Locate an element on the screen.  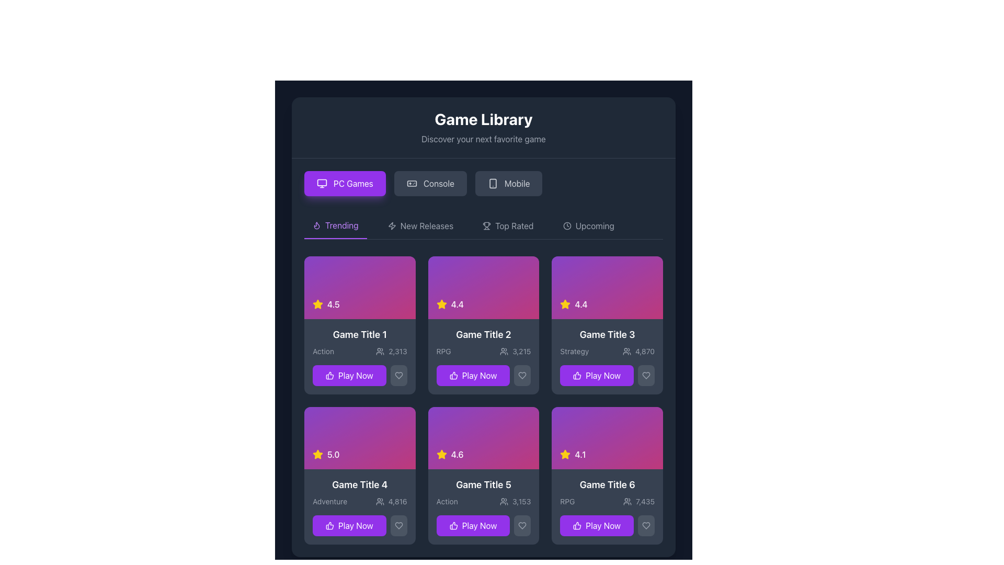
the thumbs-up icon located at the bottom section of the card for 'Game Title 4' is located at coordinates (329, 526).